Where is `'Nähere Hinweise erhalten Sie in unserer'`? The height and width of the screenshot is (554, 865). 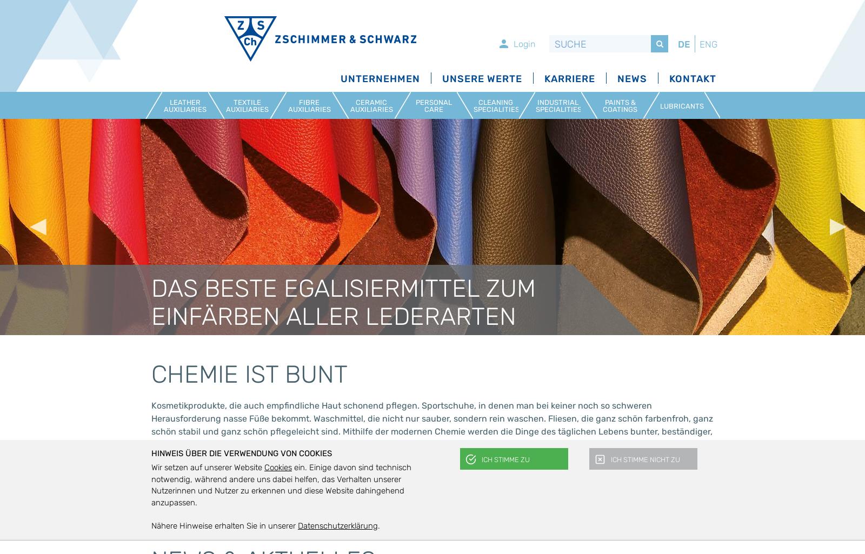 'Nähere Hinweise erhalten Sie in unserer' is located at coordinates (151, 525).